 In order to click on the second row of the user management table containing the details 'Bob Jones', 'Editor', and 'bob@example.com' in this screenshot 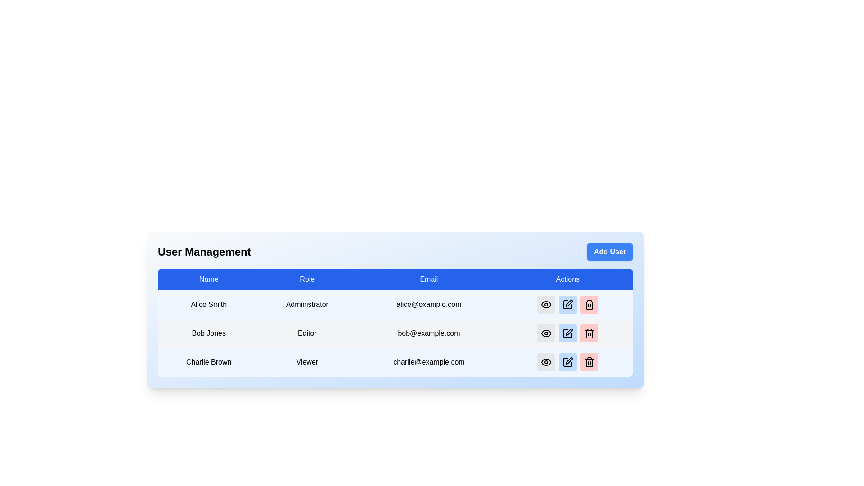, I will do `click(395, 333)`.